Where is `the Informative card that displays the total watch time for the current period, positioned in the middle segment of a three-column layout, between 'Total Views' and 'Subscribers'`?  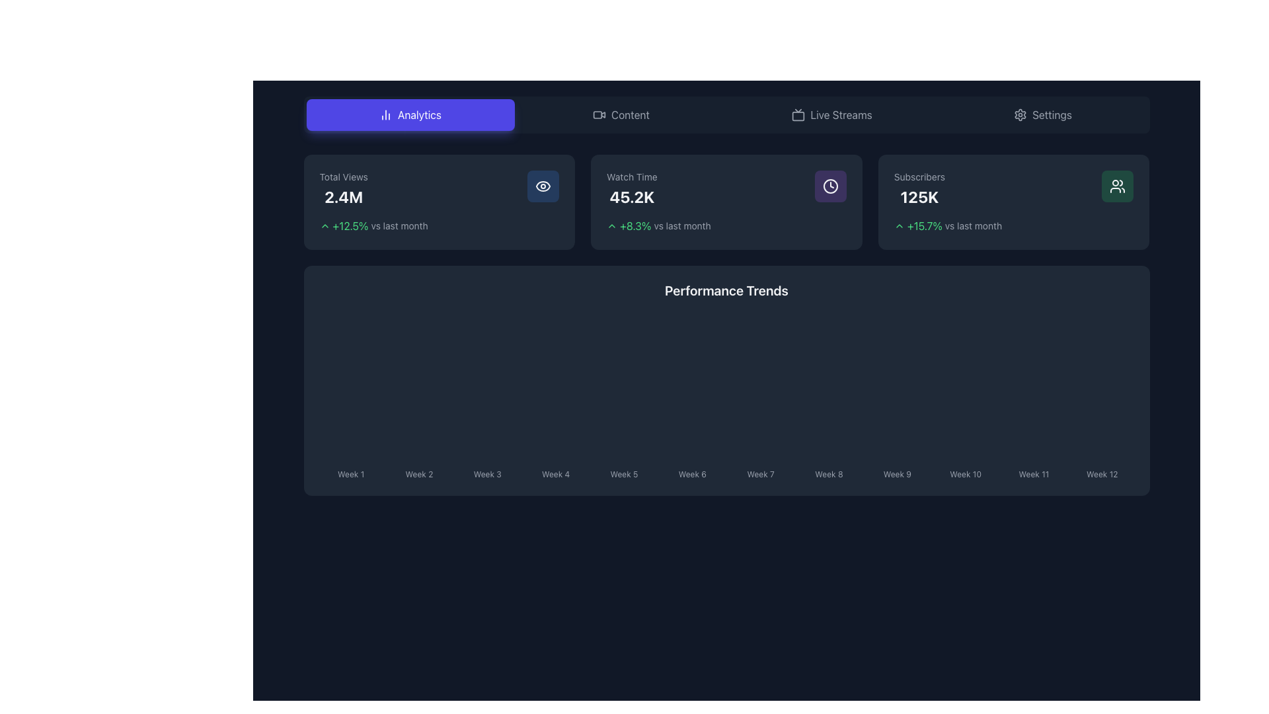
the Informative card that displays the total watch time for the current period, positioned in the middle segment of a three-column layout, between 'Total Views' and 'Subscribers' is located at coordinates (726, 202).